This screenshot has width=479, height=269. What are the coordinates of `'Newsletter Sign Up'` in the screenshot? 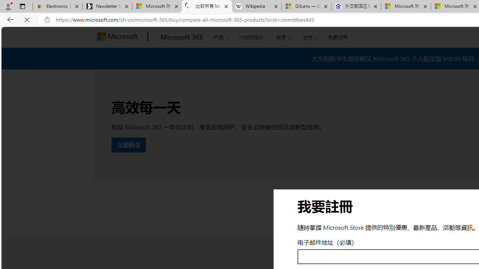 It's located at (107, 6).